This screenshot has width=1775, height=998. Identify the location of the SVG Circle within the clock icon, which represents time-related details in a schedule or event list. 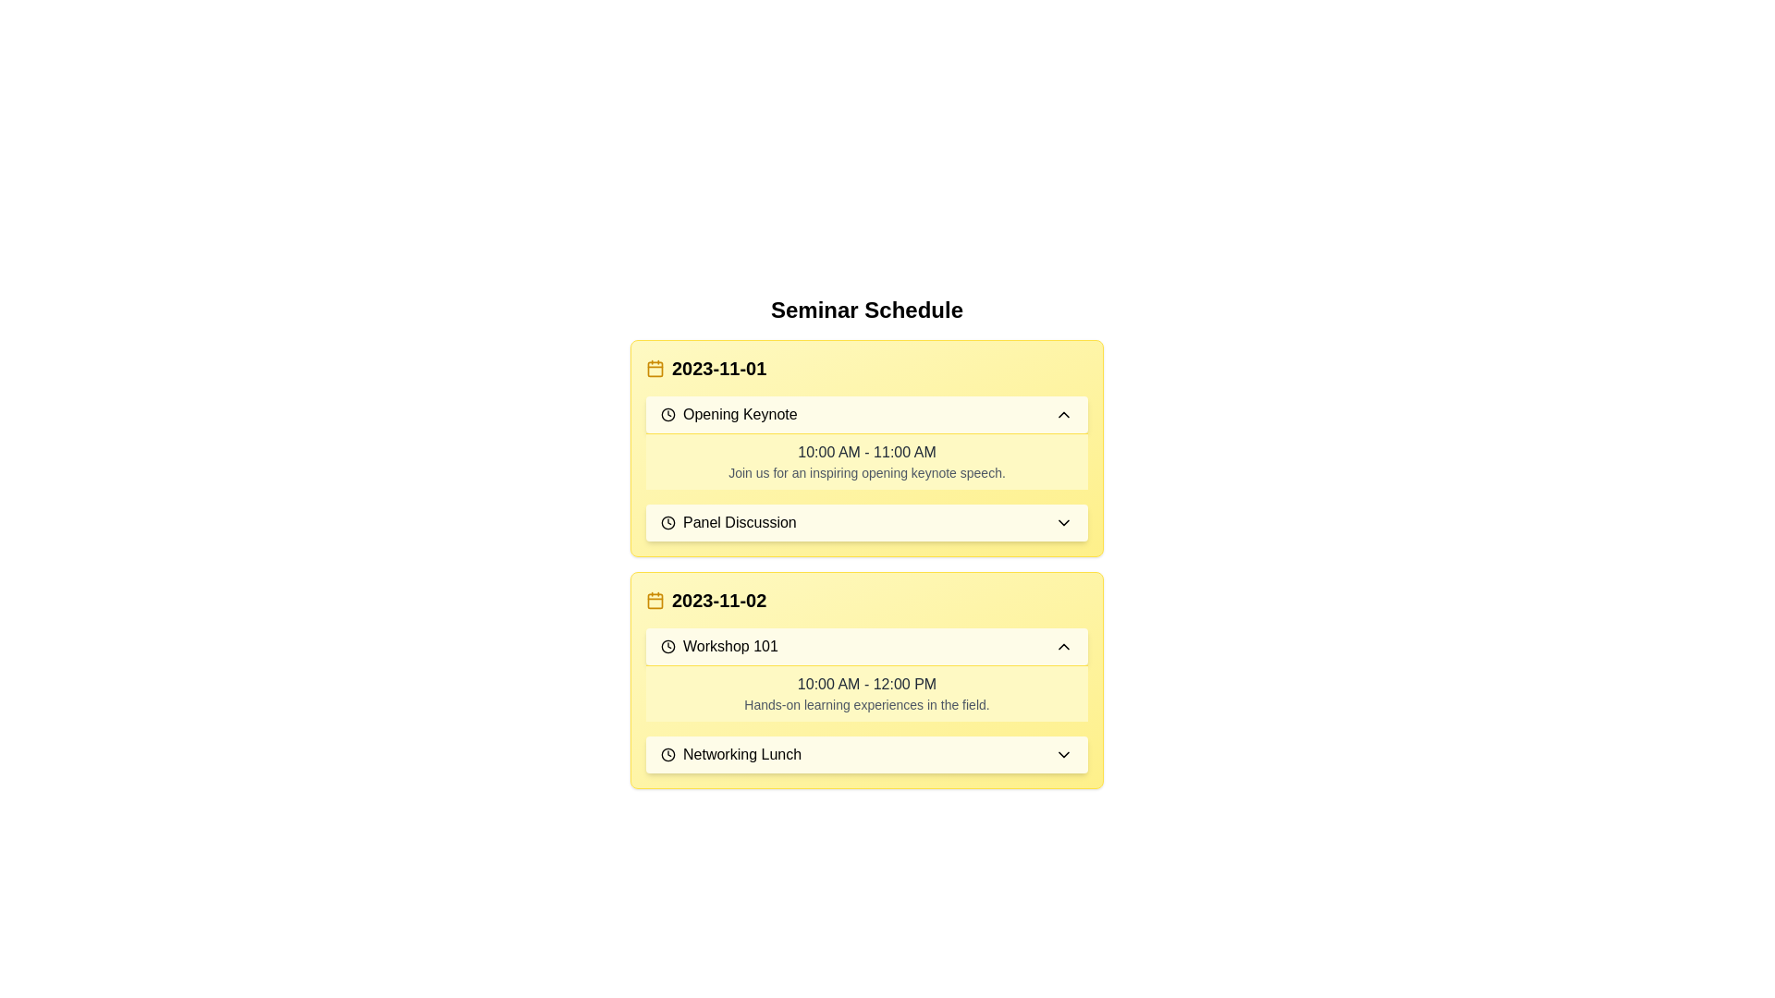
(667, 413).